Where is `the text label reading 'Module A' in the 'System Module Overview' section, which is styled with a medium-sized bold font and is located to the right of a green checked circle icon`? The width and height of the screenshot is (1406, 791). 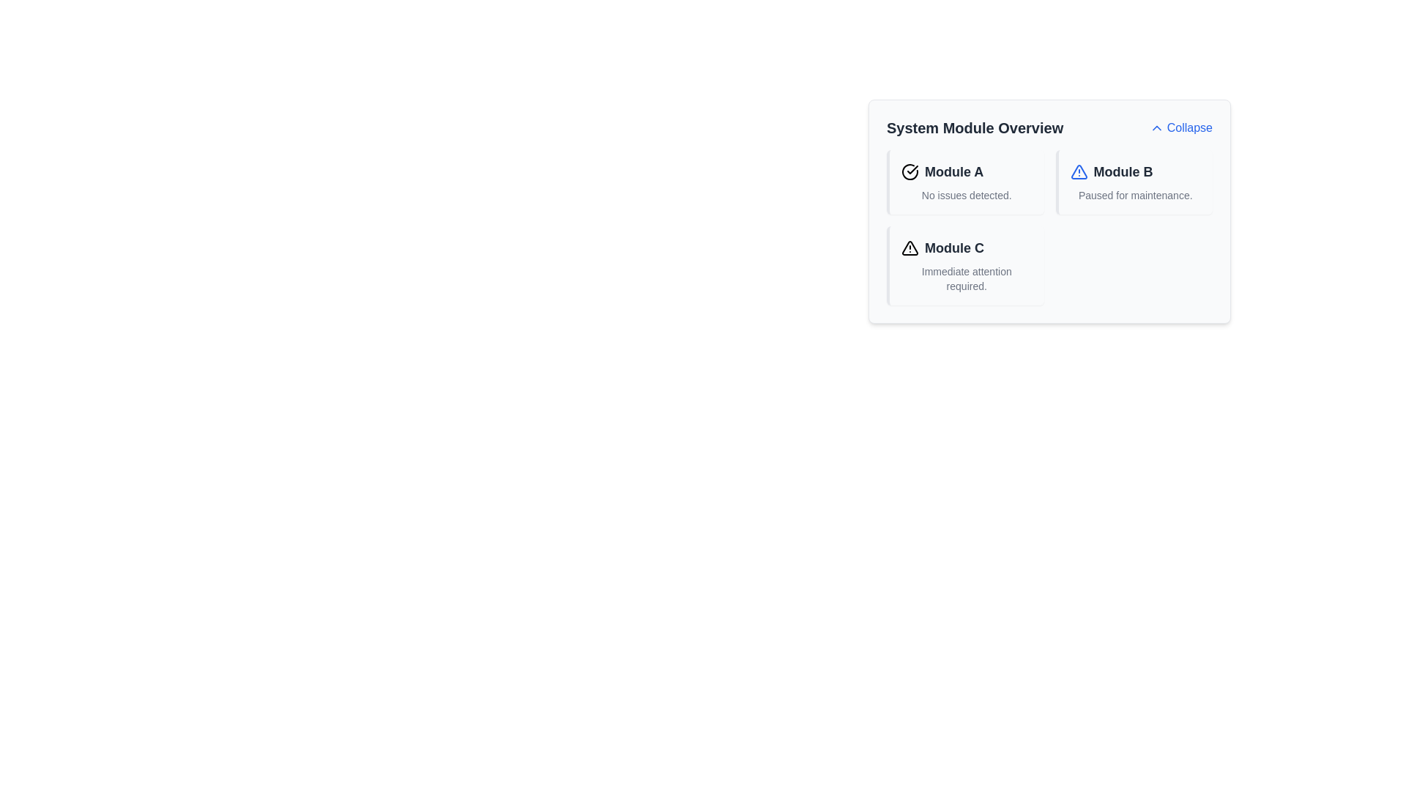 the text label reading 'Module A' in the 'System Module Overview' section, which is styled with a medium-sized bold font and is located to the right of a green checked circle icon is located at coordinates (954, 171).